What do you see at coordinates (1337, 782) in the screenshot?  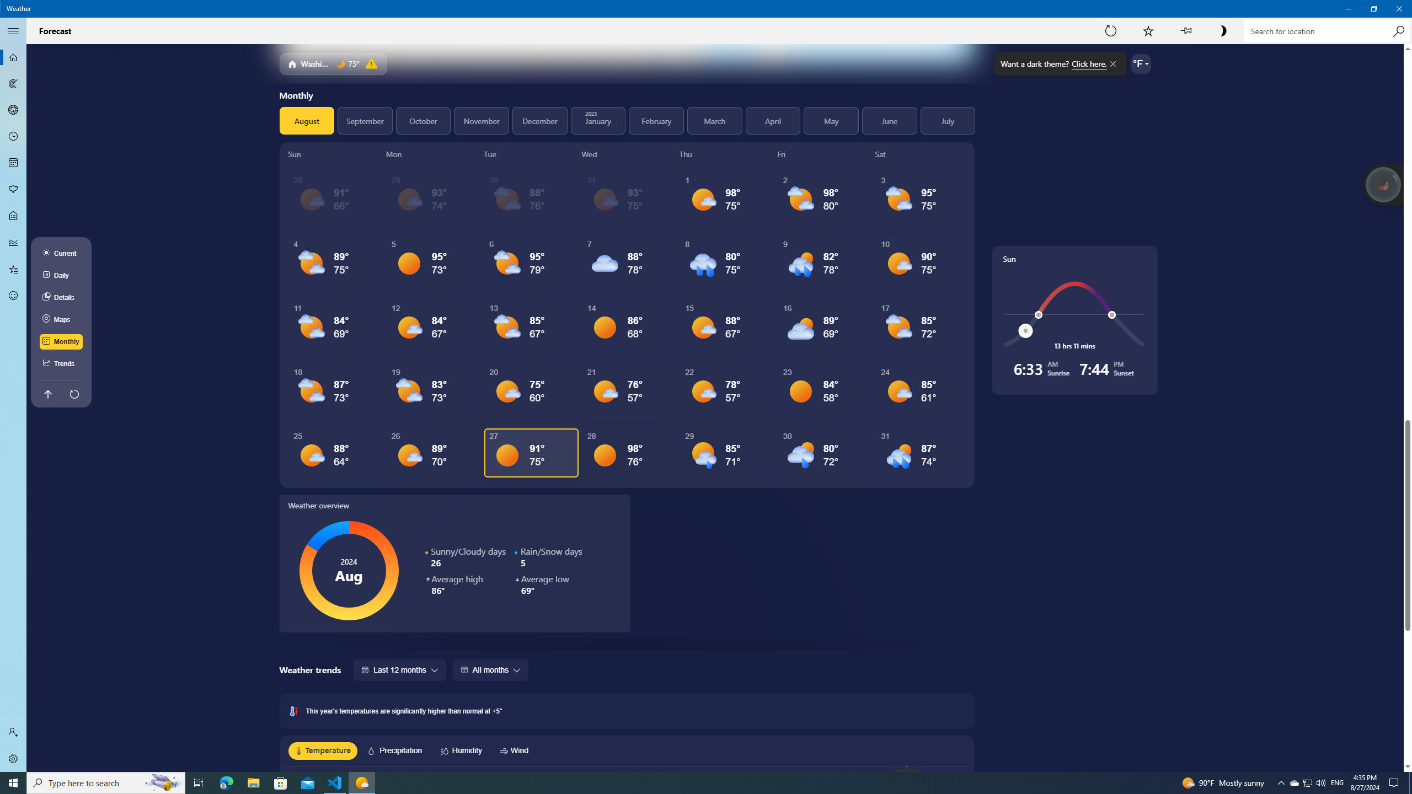 I see `'Tray Input Indicator - English (United States)'` at bounding box center [1337, 782].